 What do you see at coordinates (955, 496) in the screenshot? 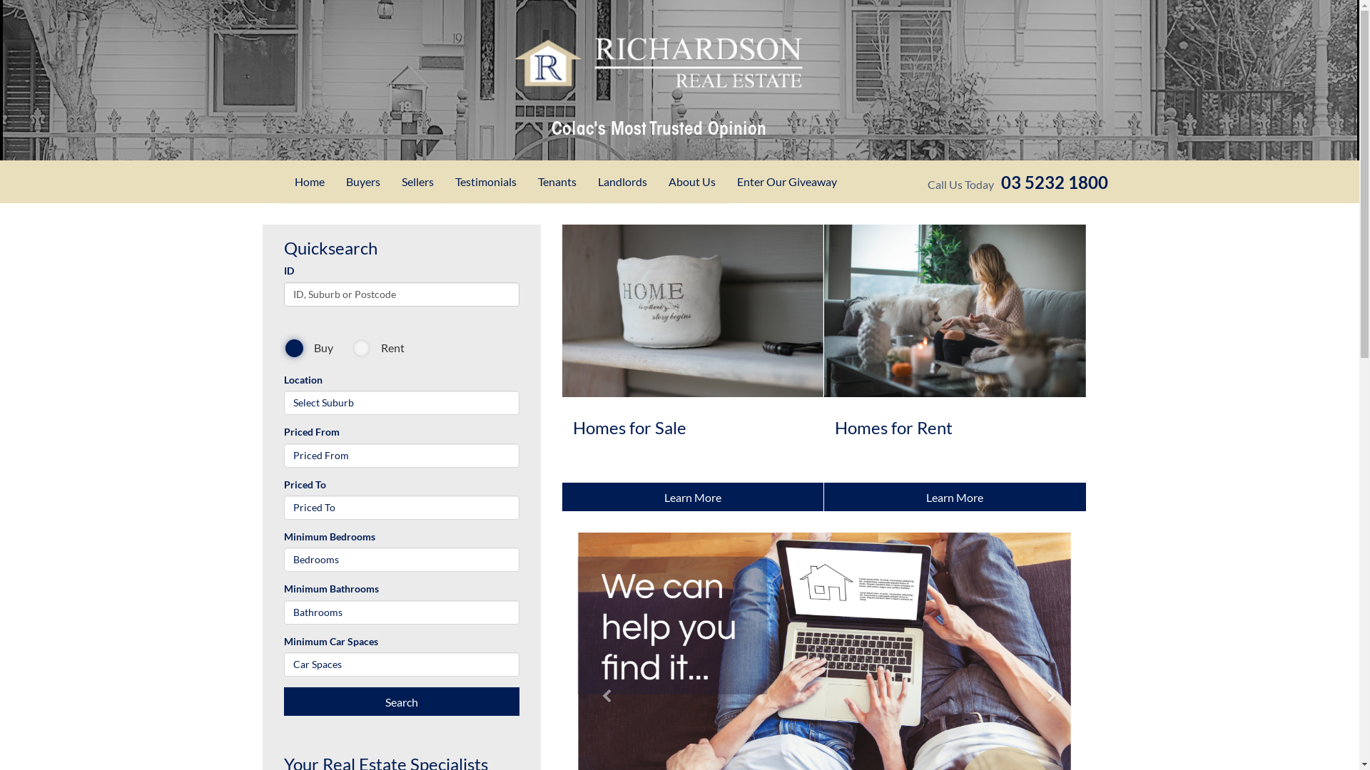
I see `'Learn More'` at bounding box center [955, 496].